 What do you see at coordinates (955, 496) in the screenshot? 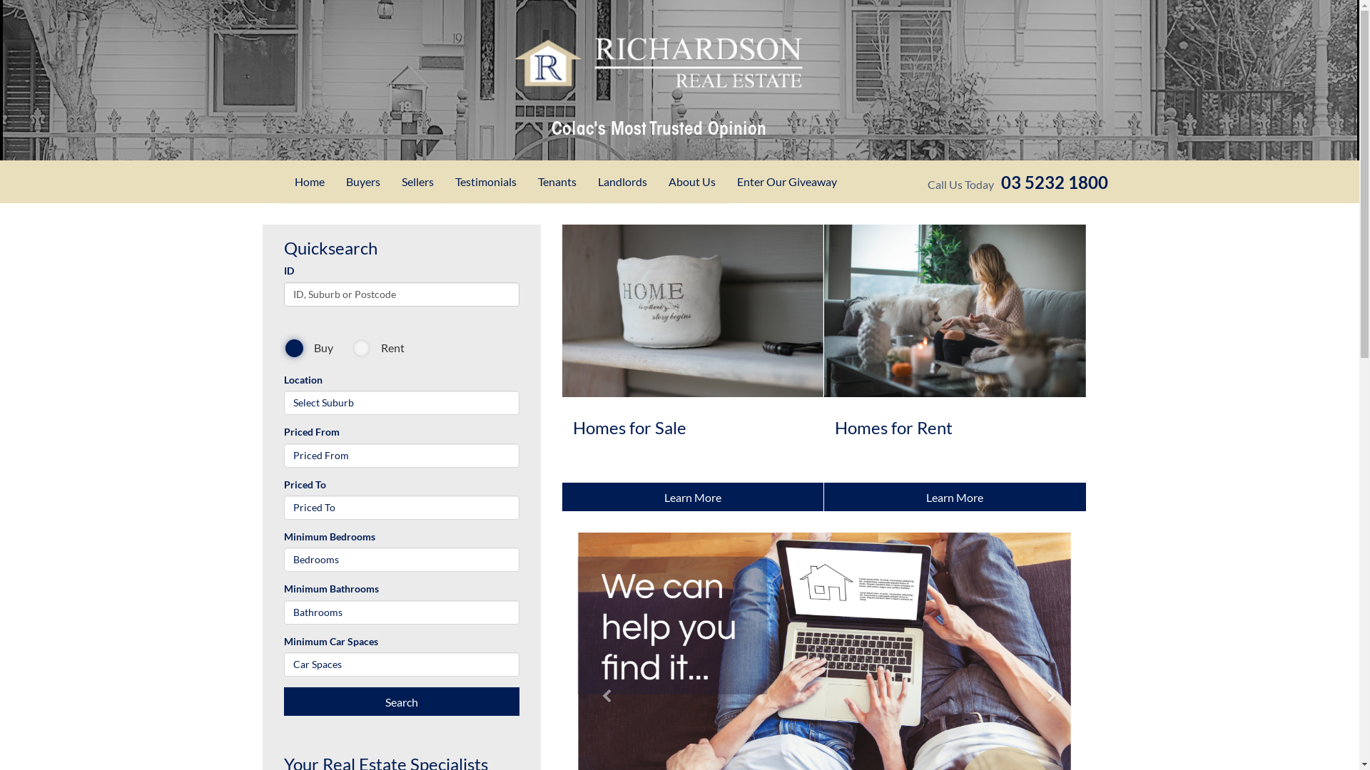
I see `'Learn More'` at bounding box center [955, 496].